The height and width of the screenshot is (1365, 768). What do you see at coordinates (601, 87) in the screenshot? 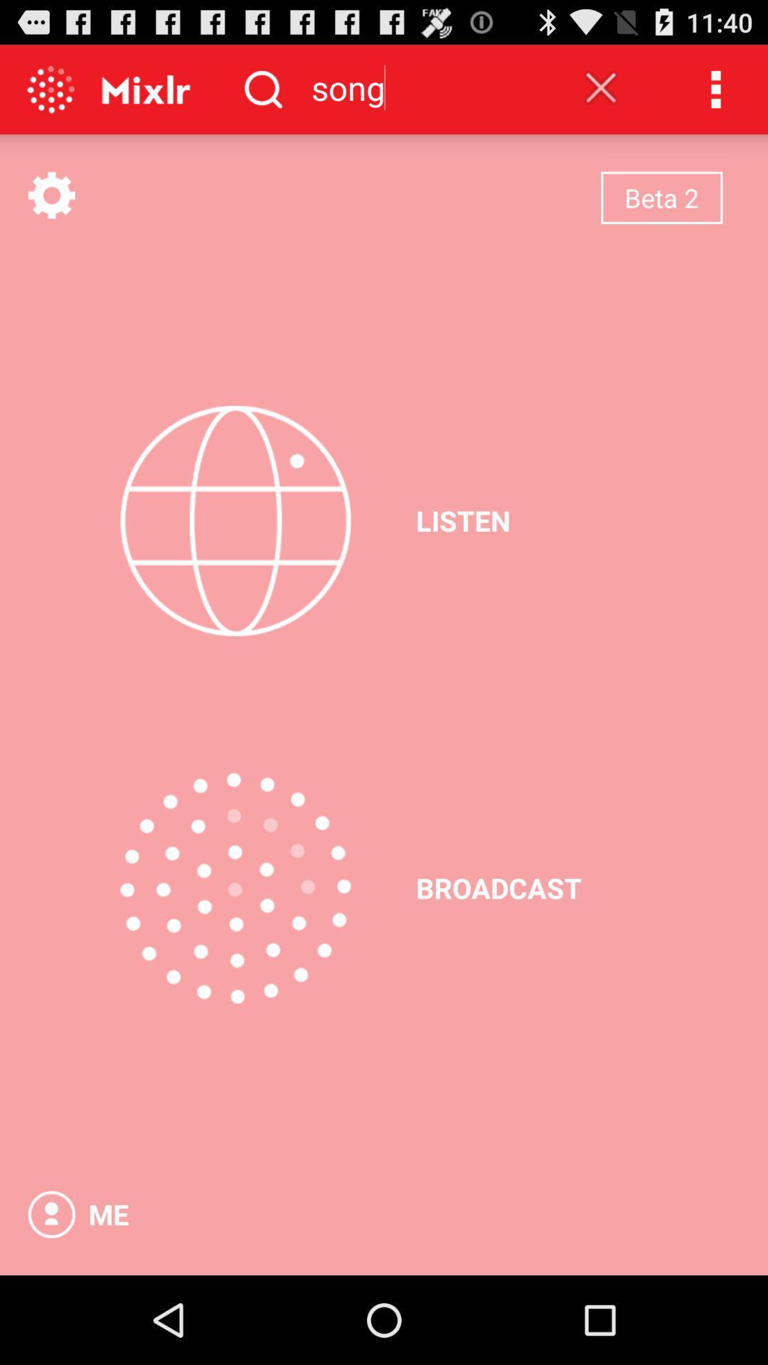
I see `the item to the right of the song` at bounding box center [601, 87].